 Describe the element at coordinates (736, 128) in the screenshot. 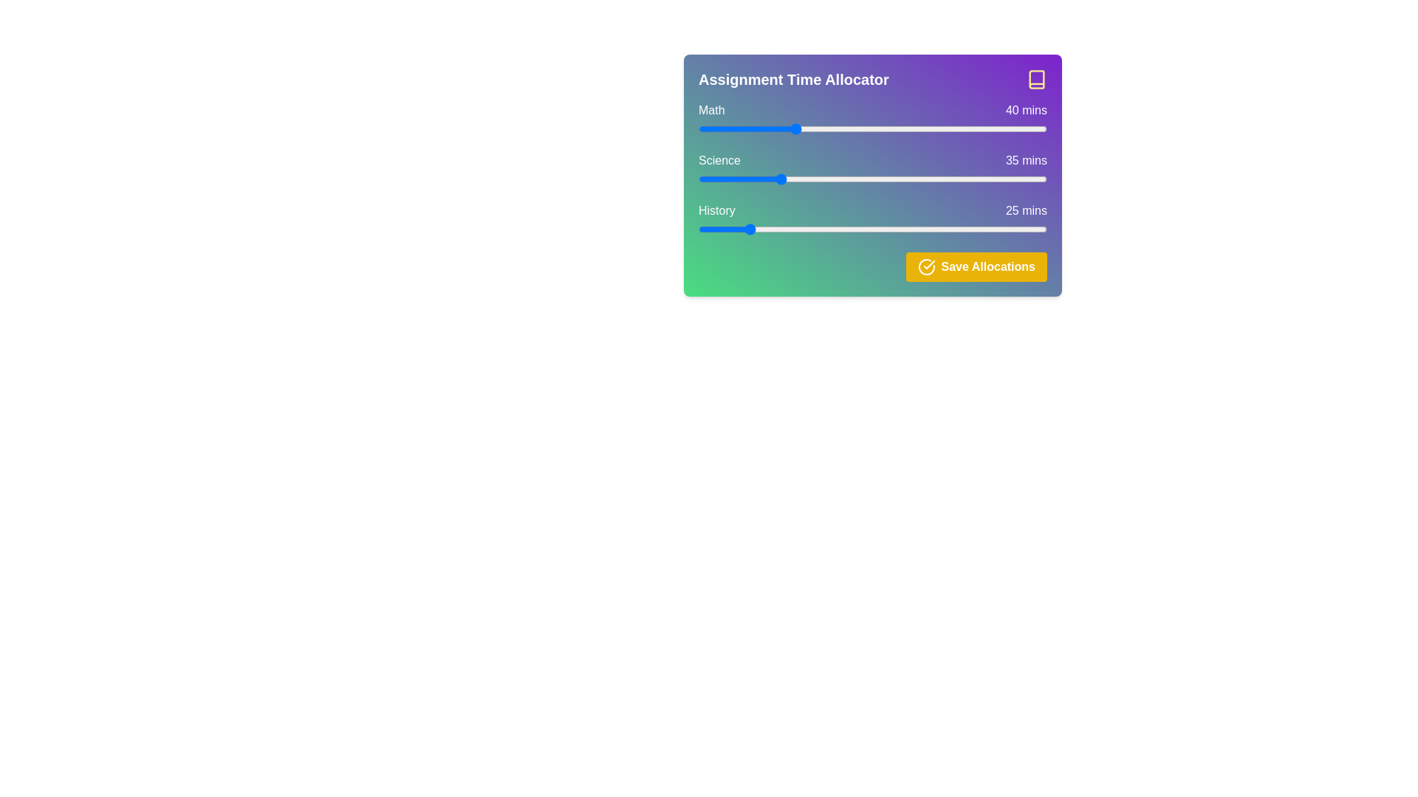

I see `the time allocation for Math` at that location.